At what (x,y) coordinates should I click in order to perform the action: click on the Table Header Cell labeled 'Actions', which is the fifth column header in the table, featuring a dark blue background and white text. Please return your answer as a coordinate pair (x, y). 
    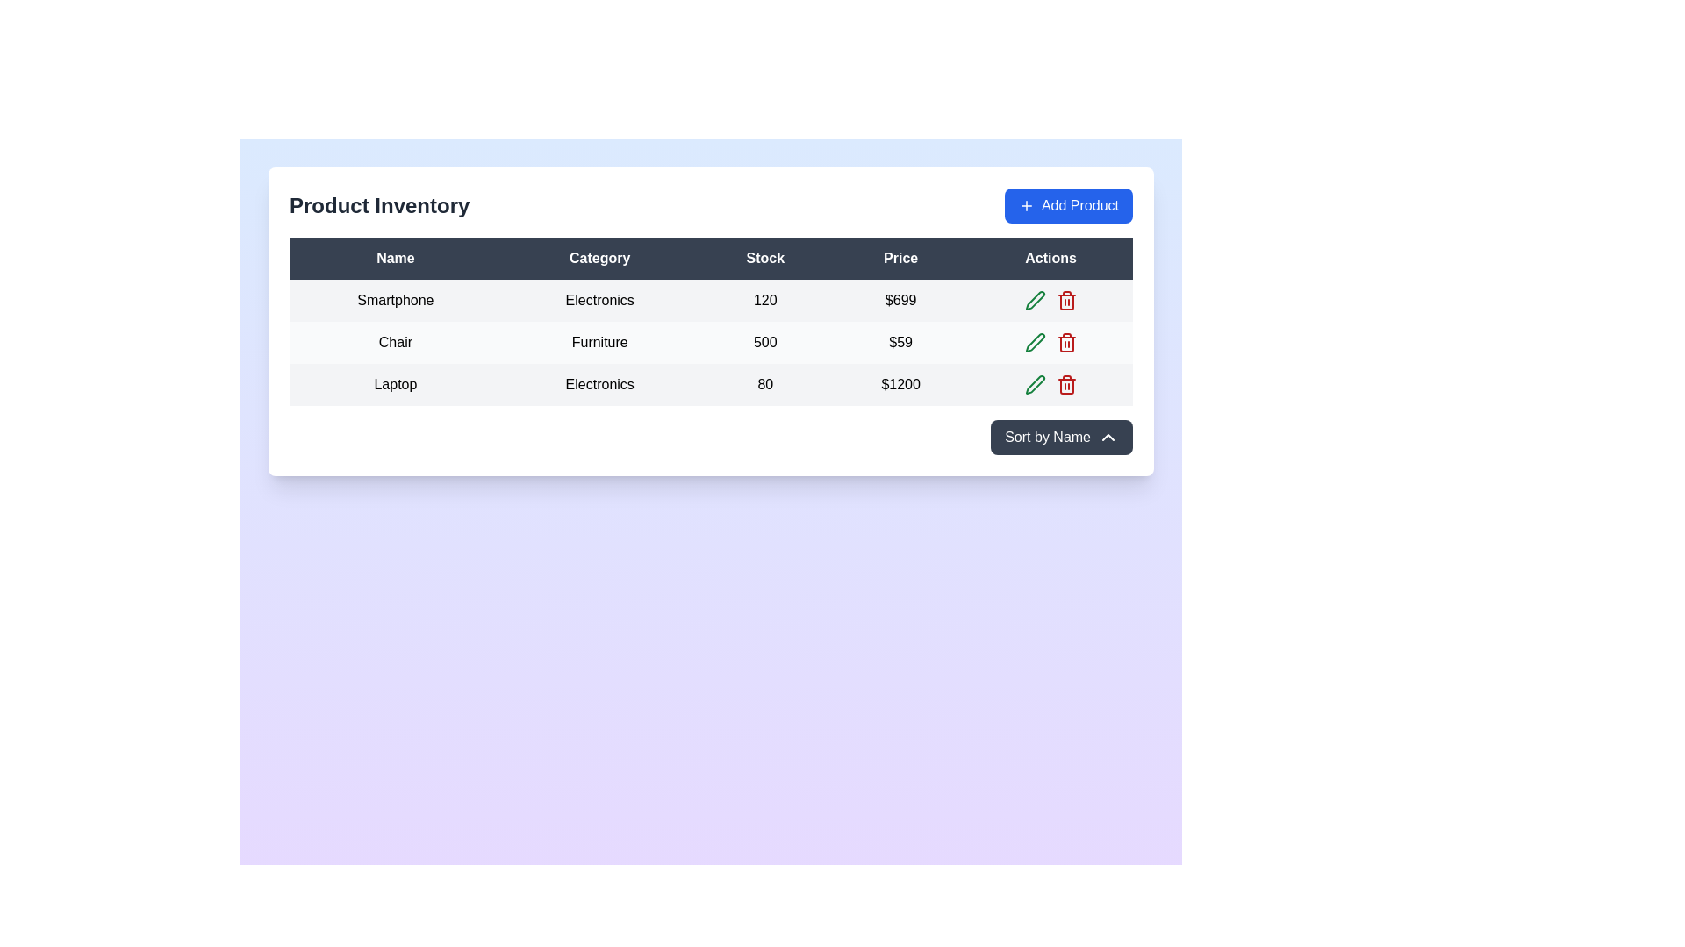
    Looking at the image, I should click on (1050, 258).